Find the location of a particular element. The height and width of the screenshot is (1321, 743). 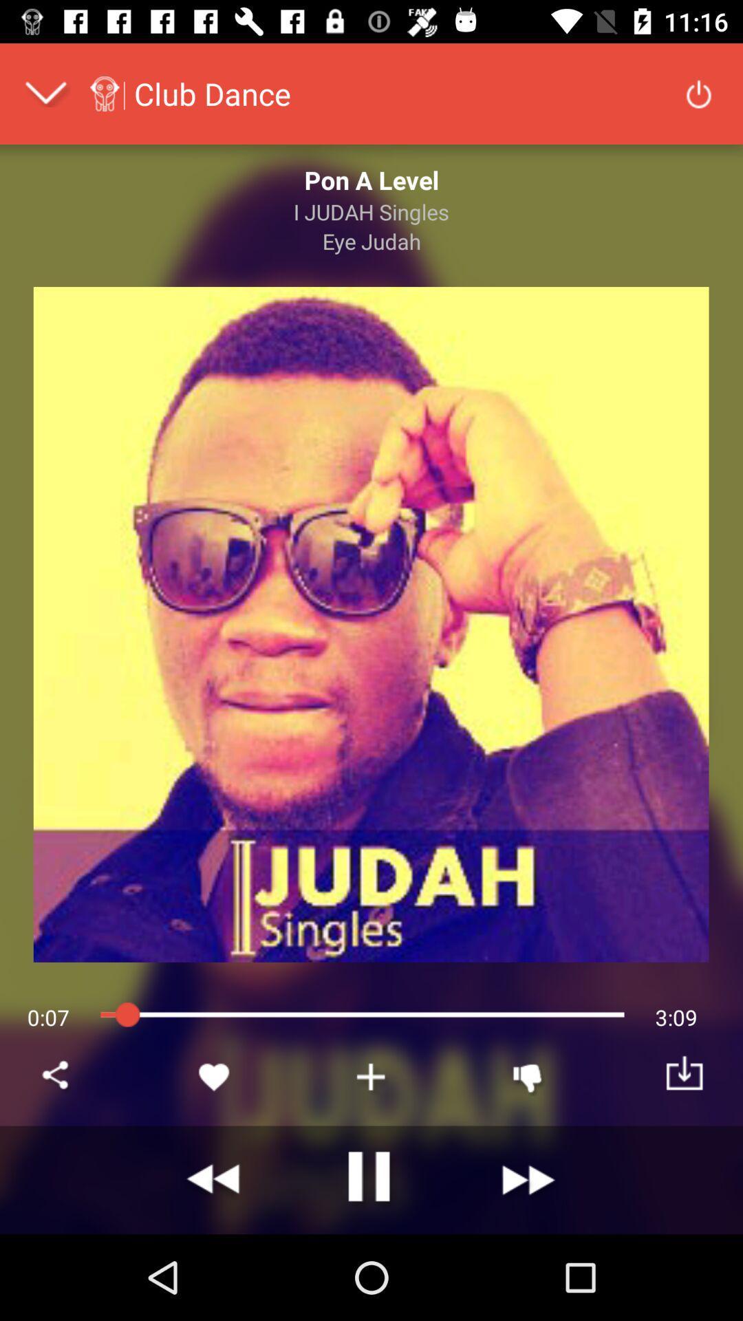

share button is located at coordinates (57, 1076).